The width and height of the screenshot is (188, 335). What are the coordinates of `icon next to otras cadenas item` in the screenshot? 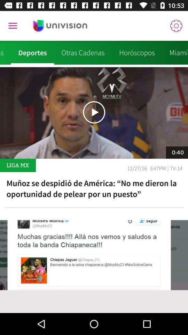 It's located at (137, 52).